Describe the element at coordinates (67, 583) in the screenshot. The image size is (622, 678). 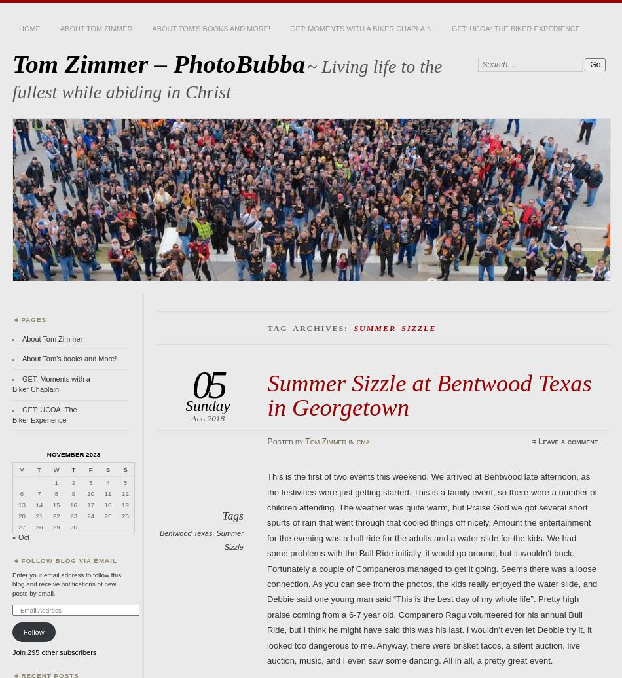
I see `'Enter your email address to follow this blog and receive notifications of new posts by email.'` at that location.